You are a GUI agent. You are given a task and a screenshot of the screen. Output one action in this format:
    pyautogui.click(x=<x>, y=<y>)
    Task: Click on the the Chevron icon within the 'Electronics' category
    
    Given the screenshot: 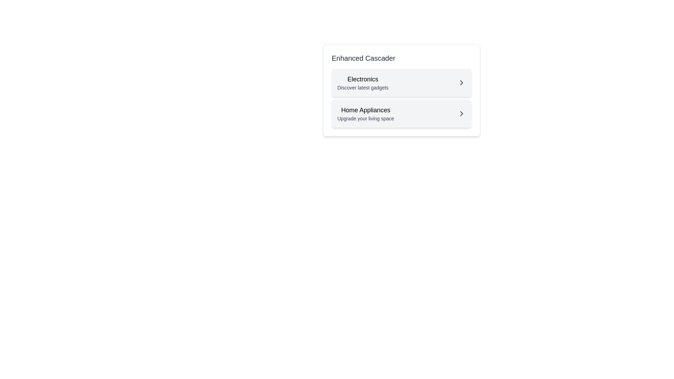 What is the action you would take?
    pyautogui.click(x=462, y=82)
    